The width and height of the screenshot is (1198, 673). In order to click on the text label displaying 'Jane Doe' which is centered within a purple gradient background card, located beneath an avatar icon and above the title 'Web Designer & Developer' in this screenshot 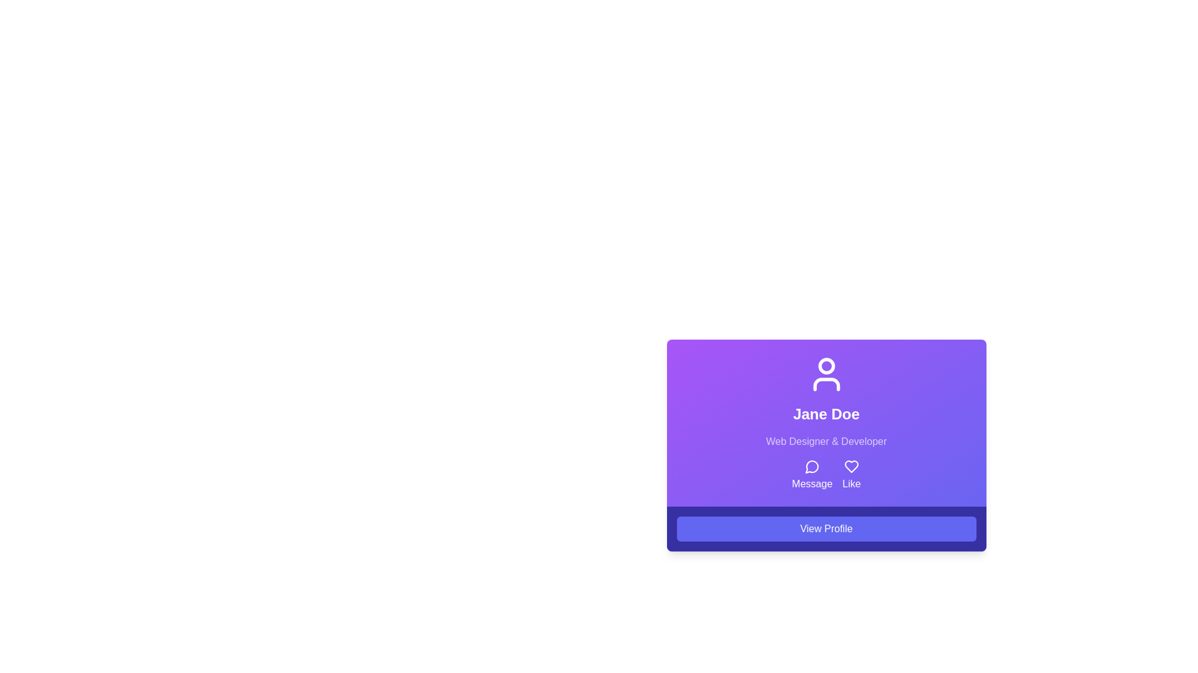, I will do `click(826, 414)`.